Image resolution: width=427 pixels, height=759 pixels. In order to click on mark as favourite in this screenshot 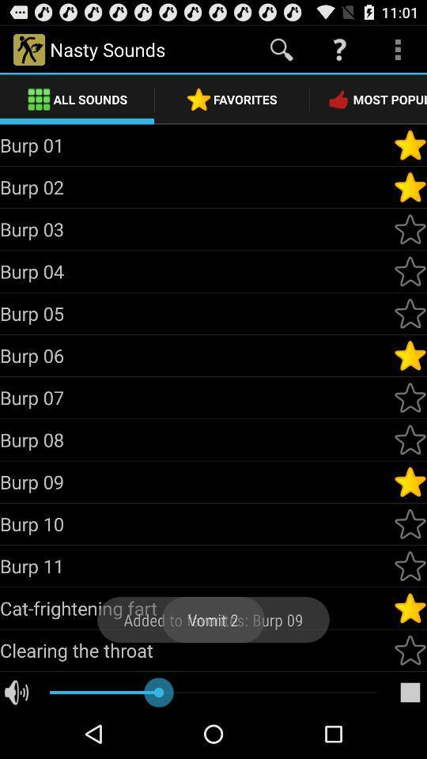, I will do `click(410, 356)`.